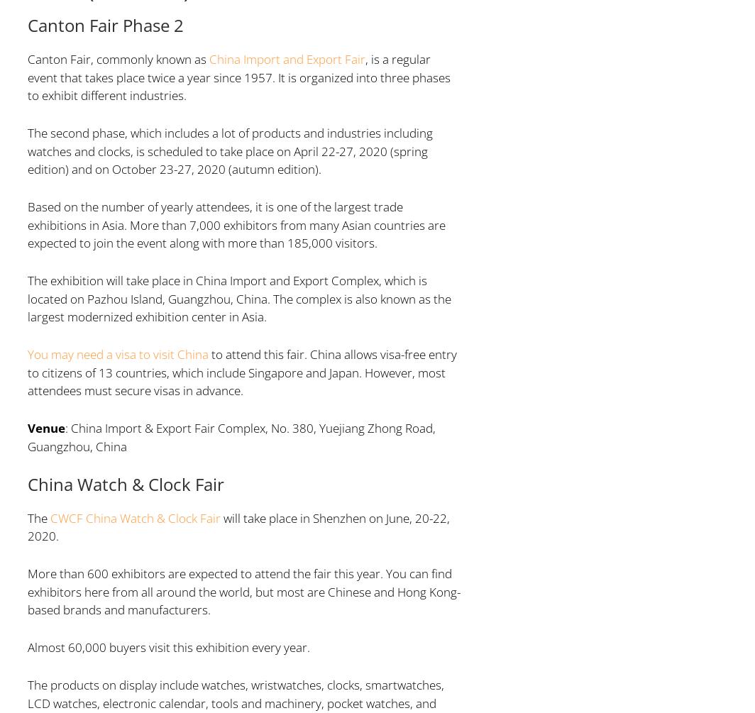  What do you see at coordinates (229, 150) in the screenshot?
I see `'The second phase, which includes a lot of products and industries including watches and clocks, is scheduled to take place on April 22-27, 2020 (spring edition) and on October 23-27, 2020 (autumn edition).'` at bounding box center [229, 150].